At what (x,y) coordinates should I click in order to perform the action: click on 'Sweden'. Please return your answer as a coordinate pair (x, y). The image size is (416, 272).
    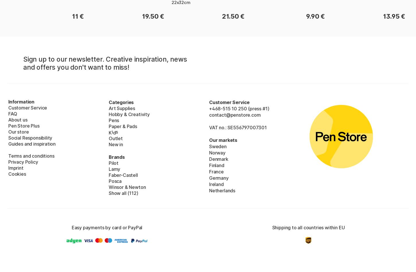
    Looking at the image, I should click on (217, 146).